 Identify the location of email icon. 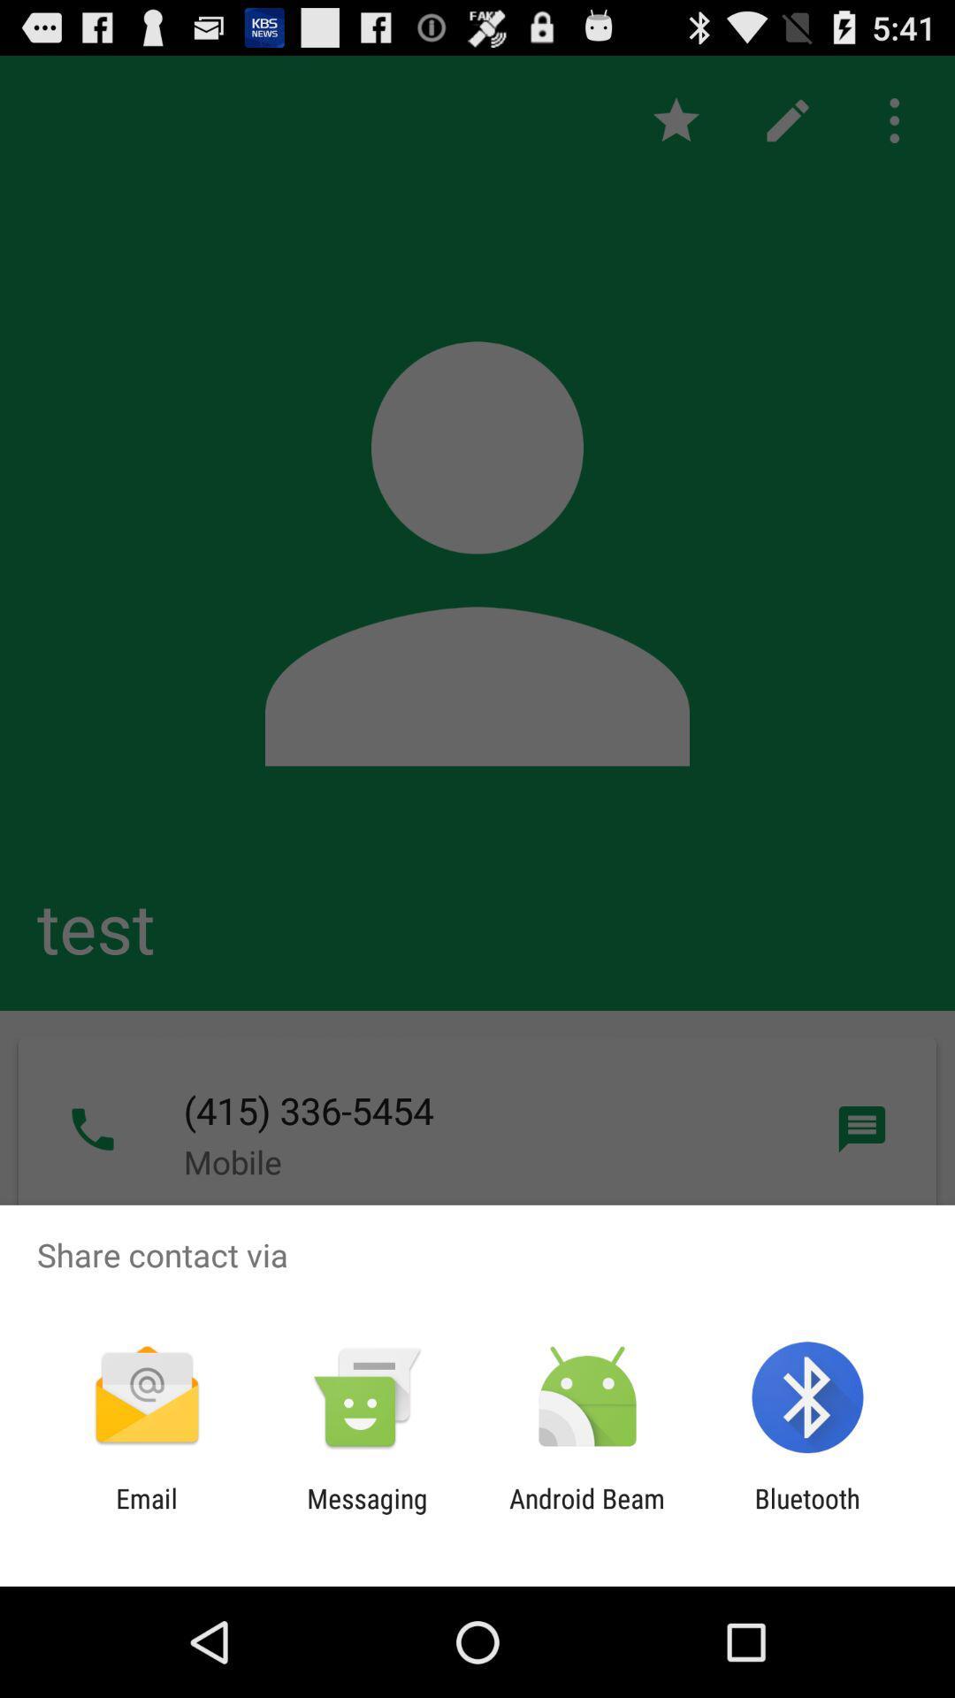
(146, 1513).